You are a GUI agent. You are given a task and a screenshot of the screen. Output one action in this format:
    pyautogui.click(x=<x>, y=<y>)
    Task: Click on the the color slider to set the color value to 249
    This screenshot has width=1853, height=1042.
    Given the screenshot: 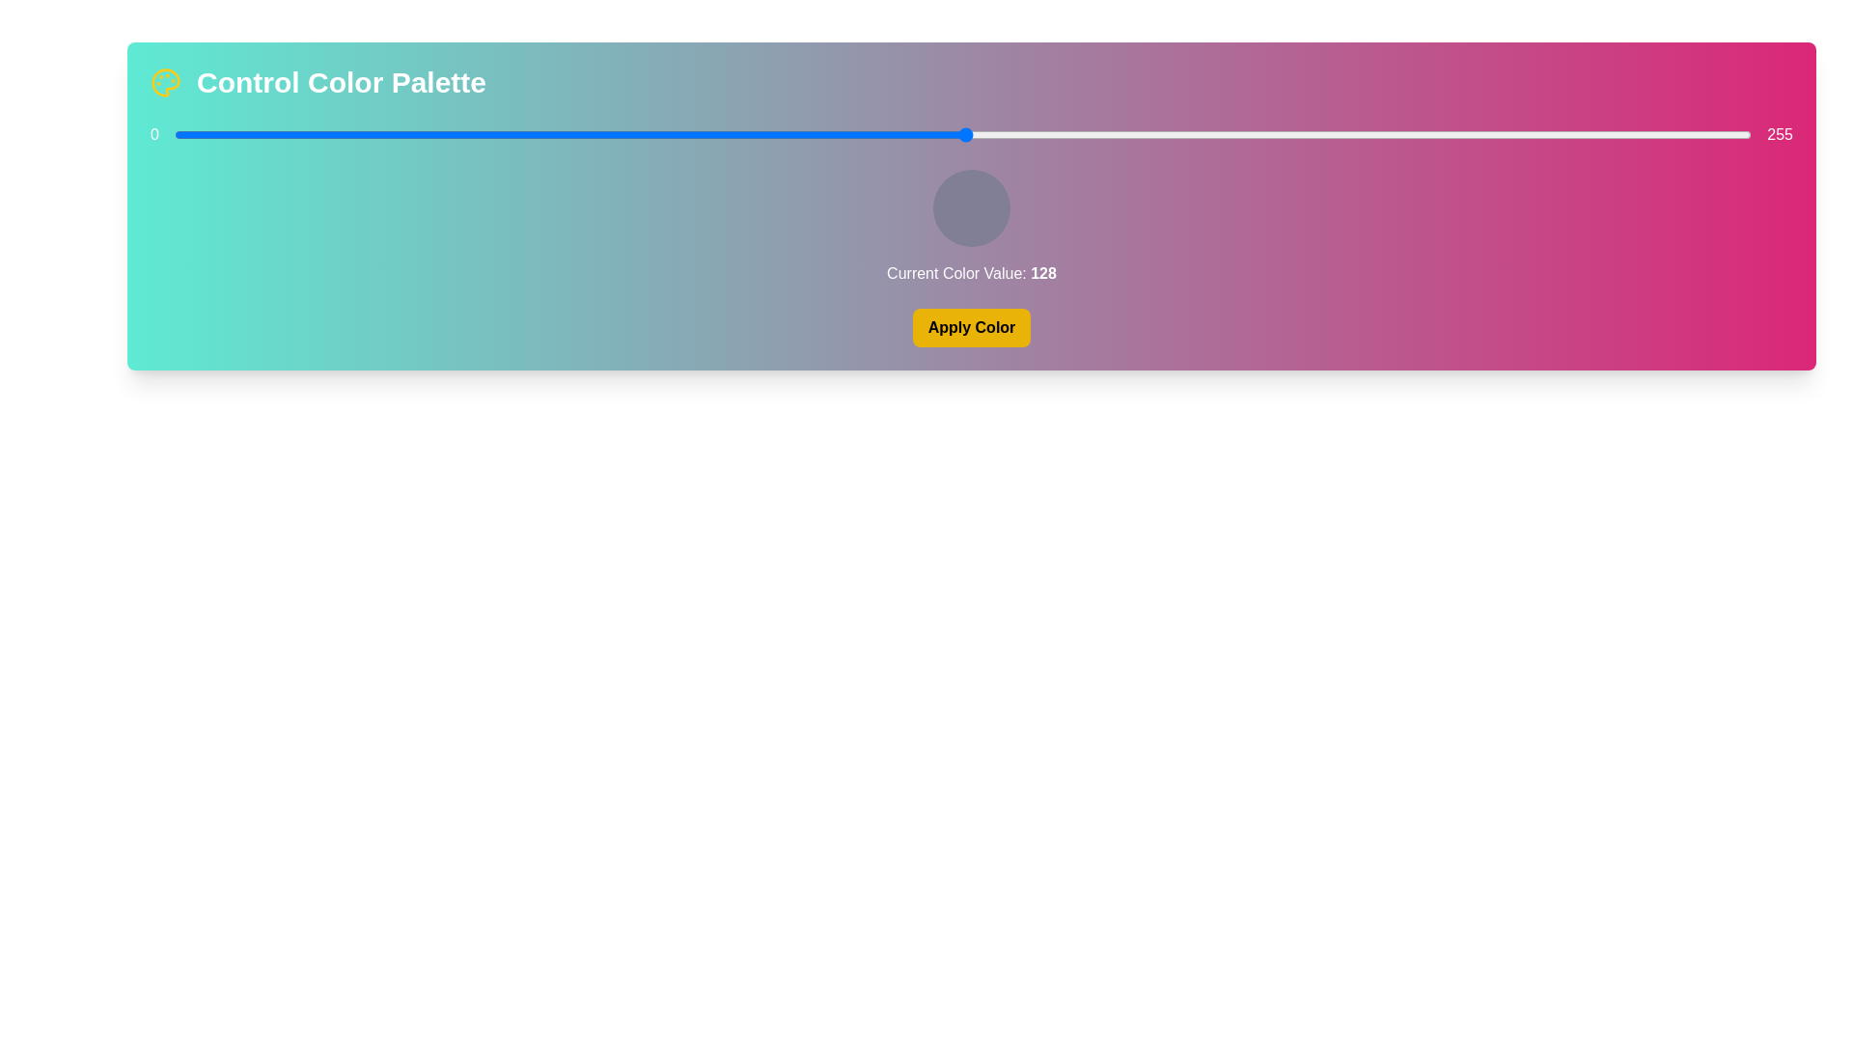 What is the action you would take?
    pyautogui.click(x=1714, y=133)
    